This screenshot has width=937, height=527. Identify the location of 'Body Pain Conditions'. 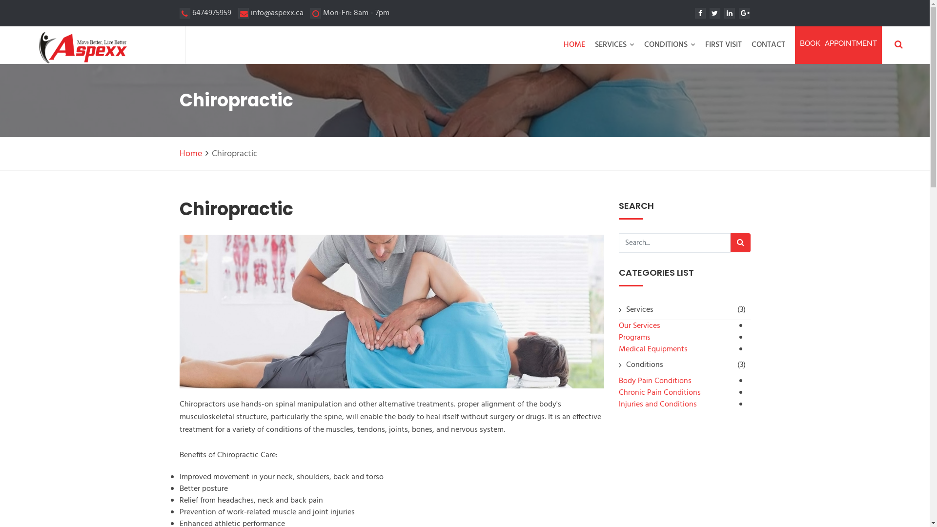
(655, 380).